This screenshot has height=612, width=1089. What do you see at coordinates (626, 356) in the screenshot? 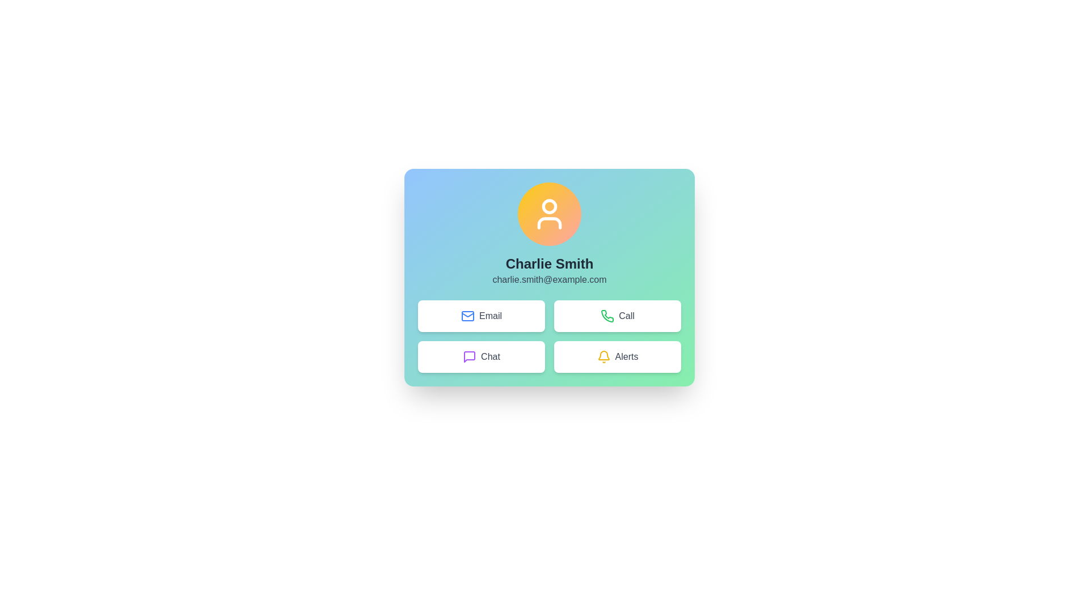
I see `text 'Alerts' displayed in gray color next to a yellow bell icon within a white background card` at bounding box center [626, 356].